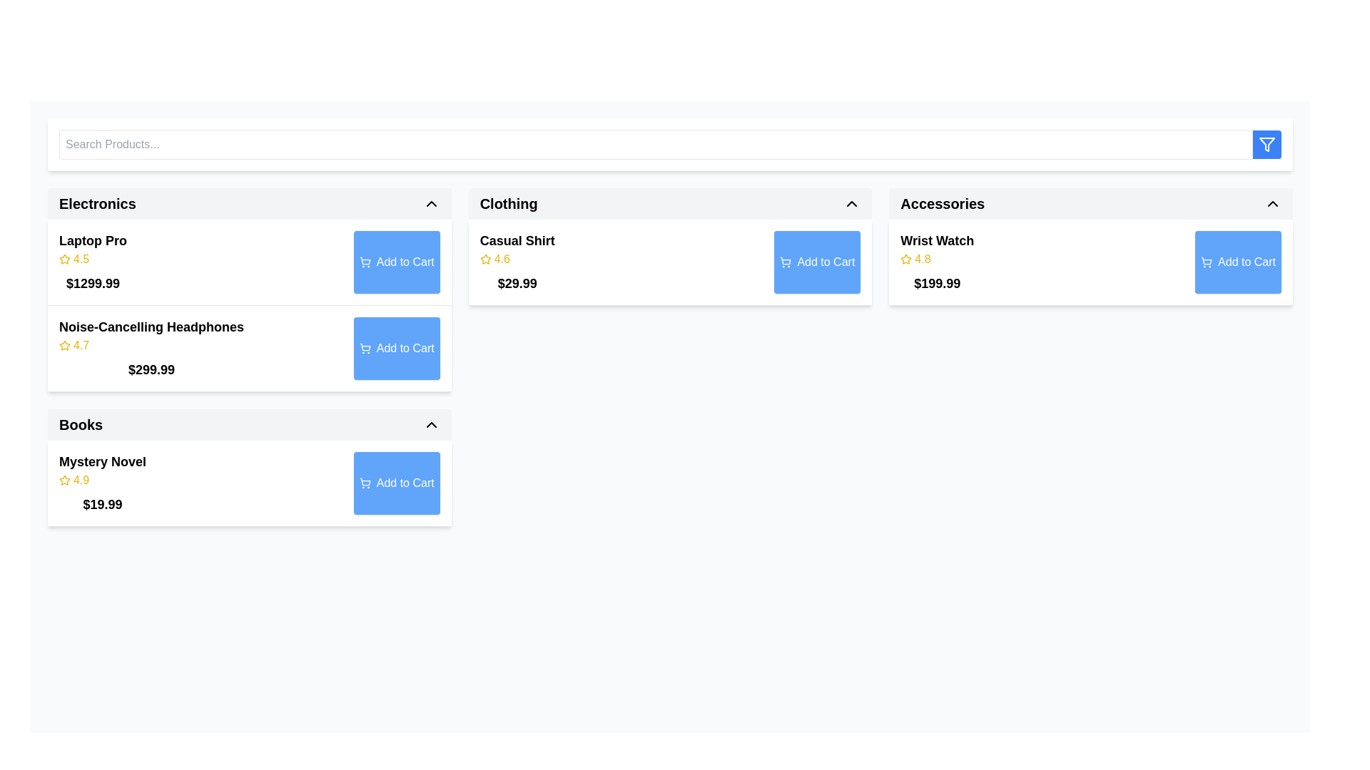  Describe the element at coordinates (485, 259) in the screenshot. I see `the star icon in the Clothing section, which indicates a single star rating for the 'Casual Shirt' item` at that location.